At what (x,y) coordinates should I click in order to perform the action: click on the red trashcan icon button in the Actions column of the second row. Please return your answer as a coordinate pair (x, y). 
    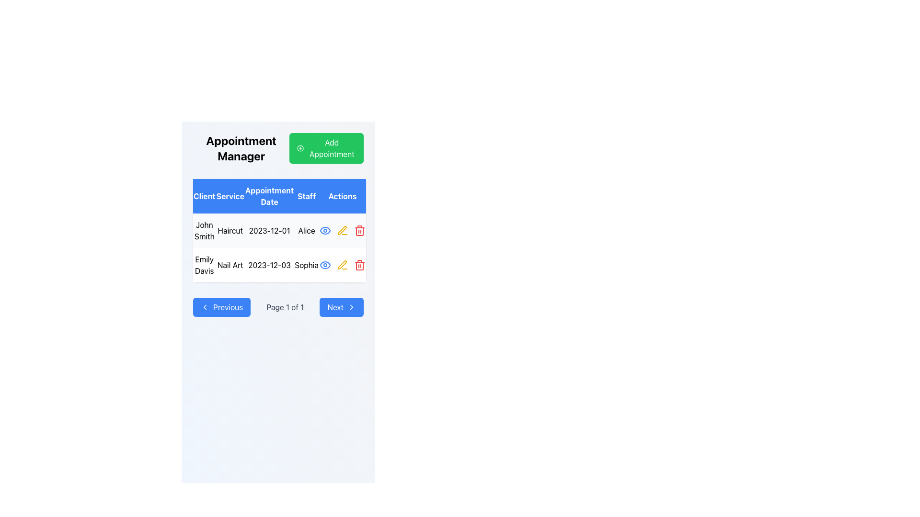
    Looking at the image, I should click on (359, 265).